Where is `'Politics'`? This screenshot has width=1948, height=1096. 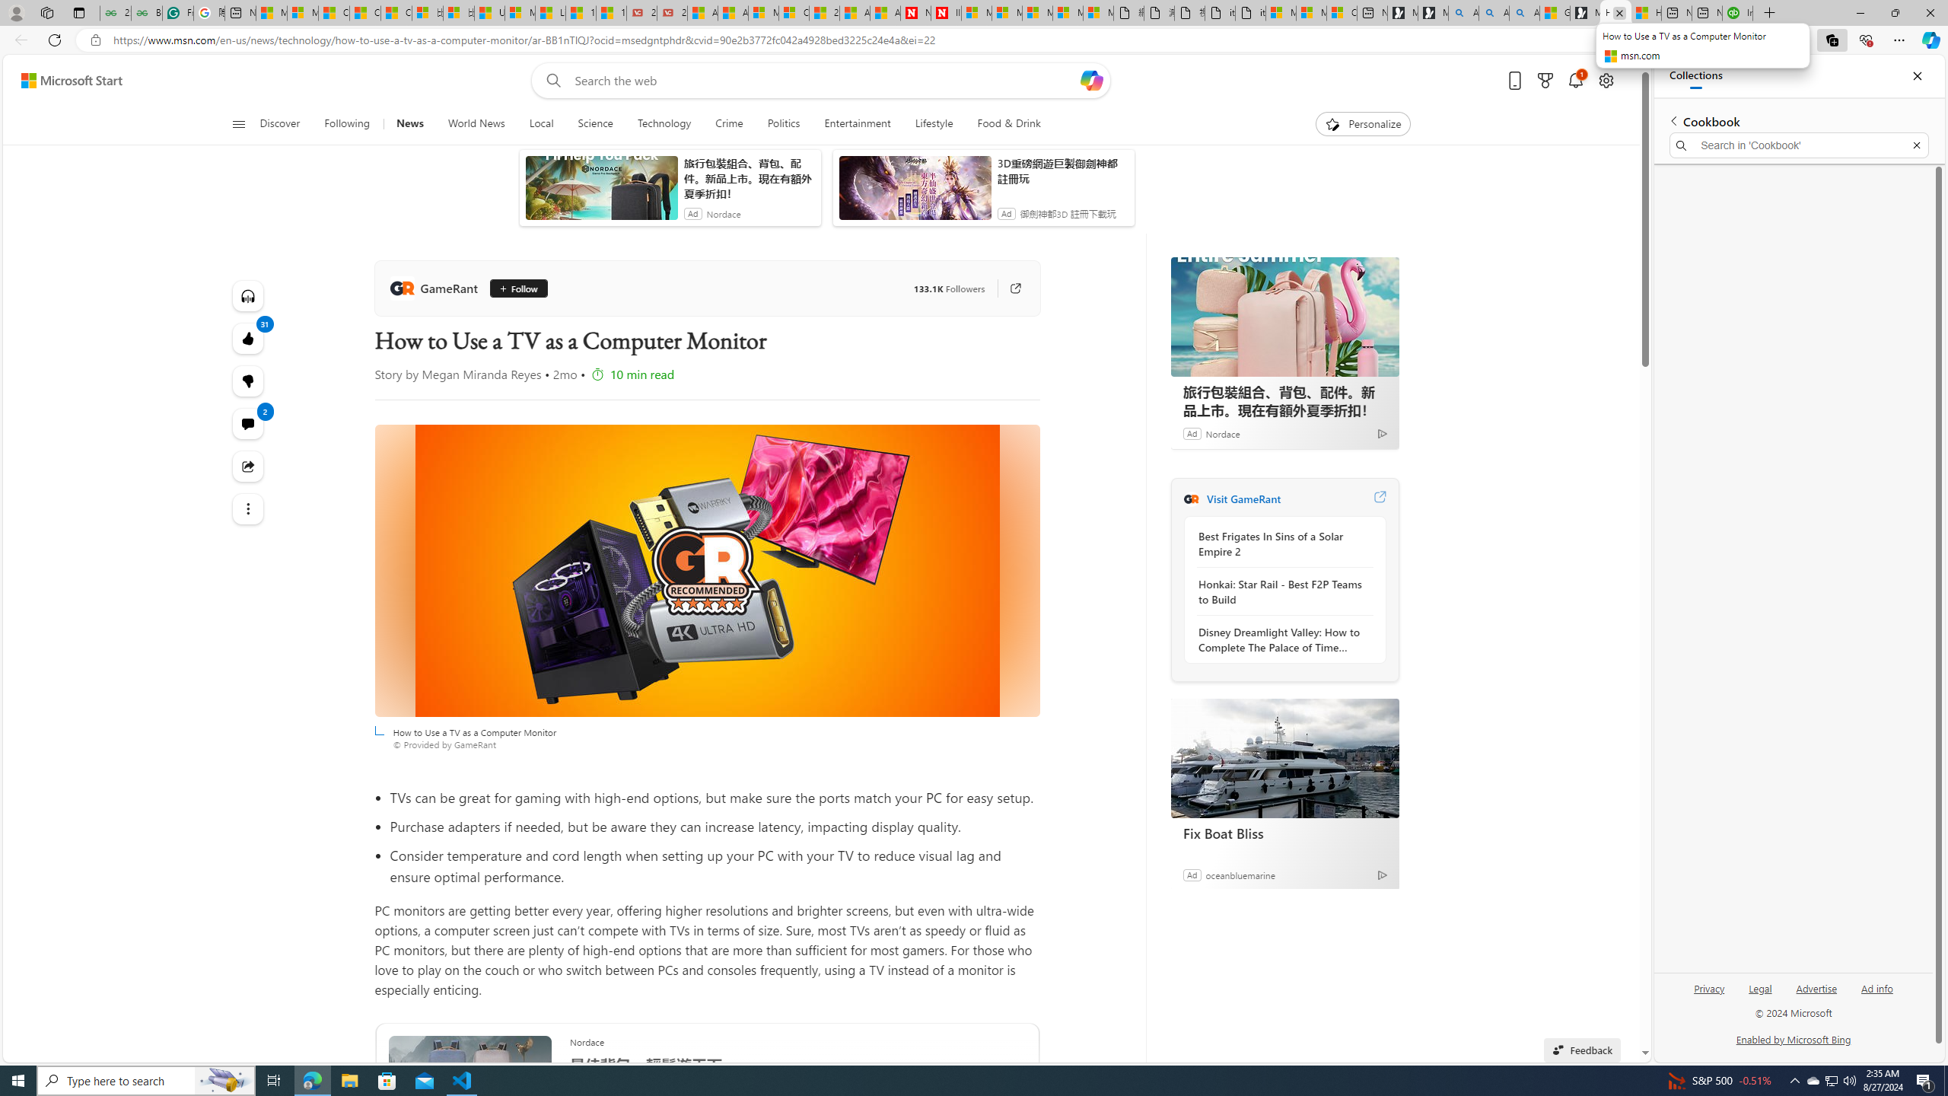
'Politics' is located at coordinates (784, 123).